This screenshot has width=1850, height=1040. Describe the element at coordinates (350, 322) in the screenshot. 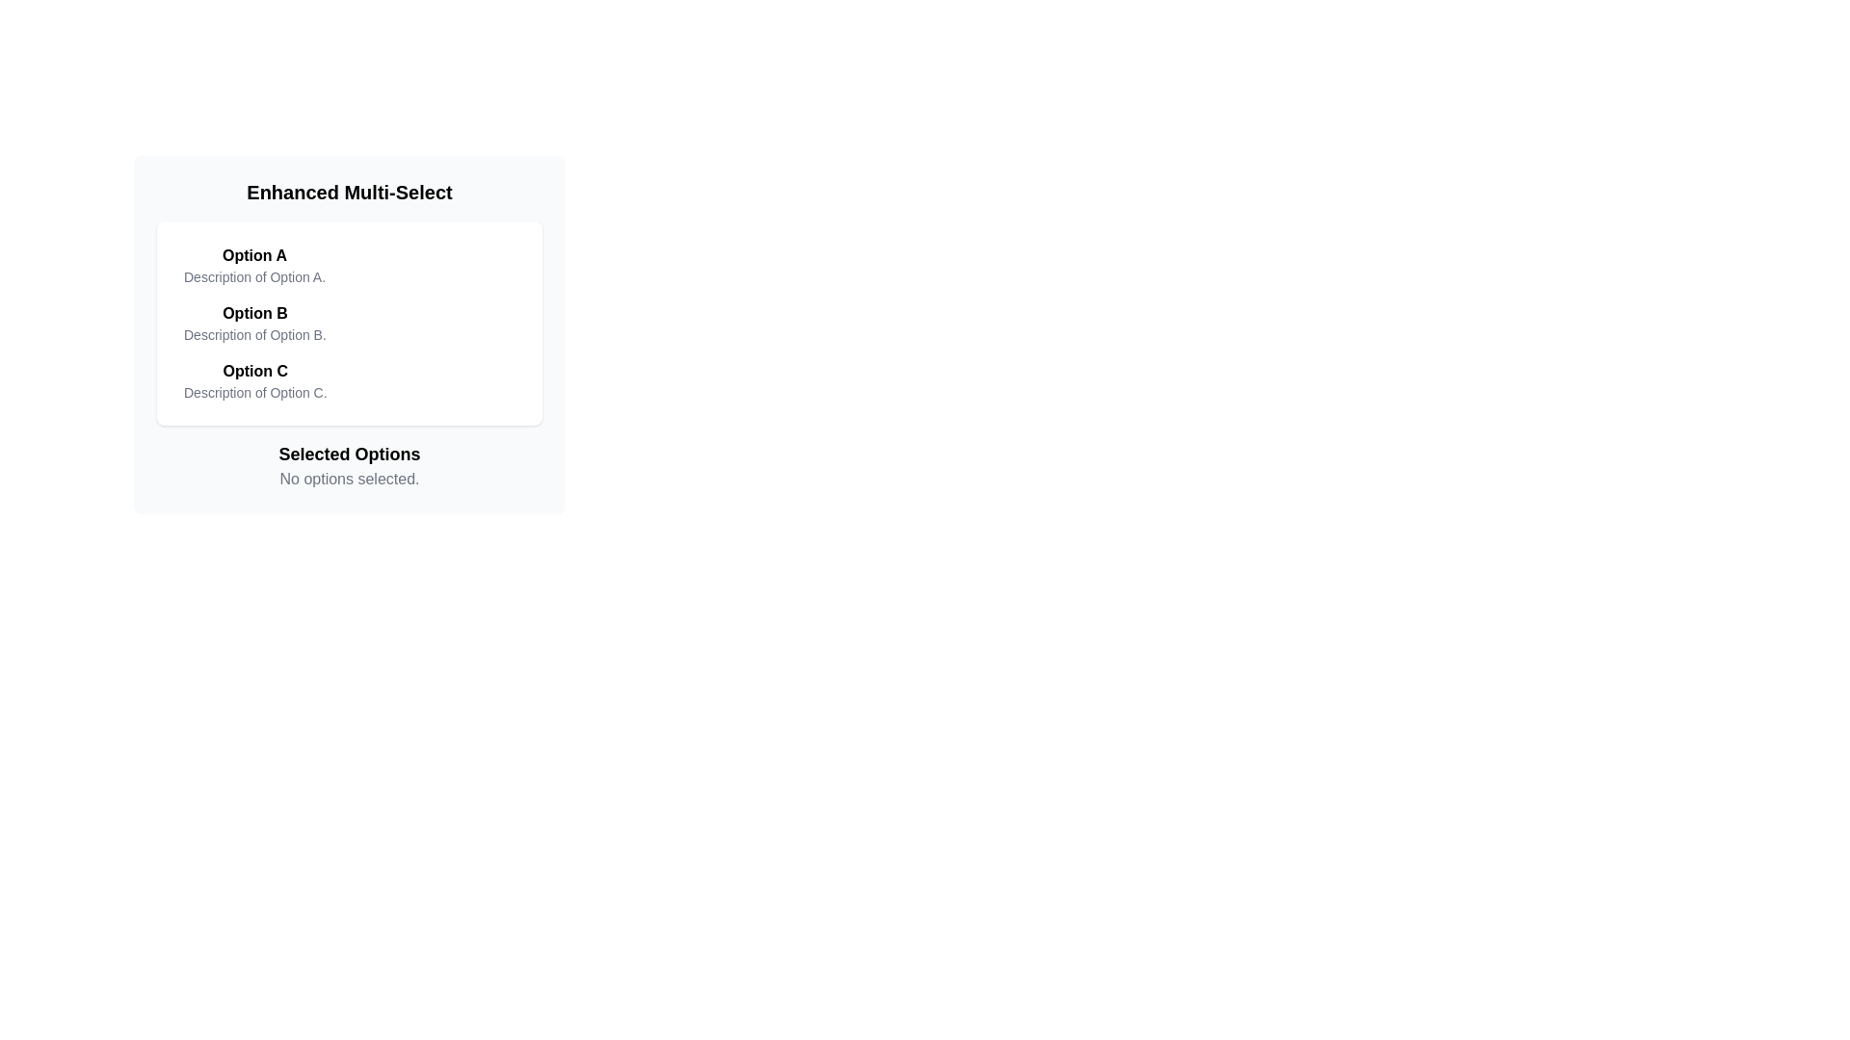

I see `the selectable option in the list item located between 'Option A' and 'Option C'` at that location.